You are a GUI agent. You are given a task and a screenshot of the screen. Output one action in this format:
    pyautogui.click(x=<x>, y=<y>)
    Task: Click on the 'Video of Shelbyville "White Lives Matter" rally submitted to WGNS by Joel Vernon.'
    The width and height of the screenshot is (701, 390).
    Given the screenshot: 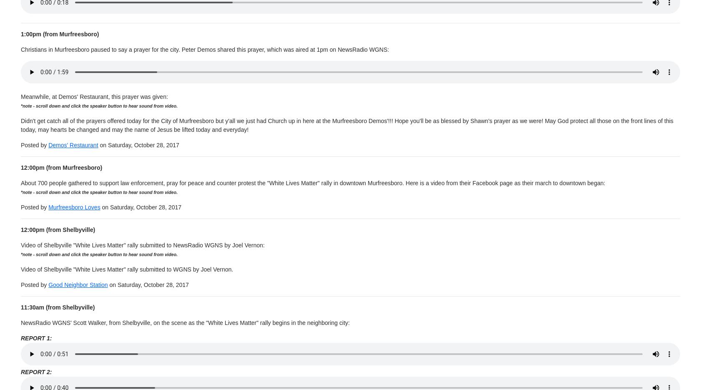 What is the action you would take?
    pyautogui.click(x=126, y=269)
    